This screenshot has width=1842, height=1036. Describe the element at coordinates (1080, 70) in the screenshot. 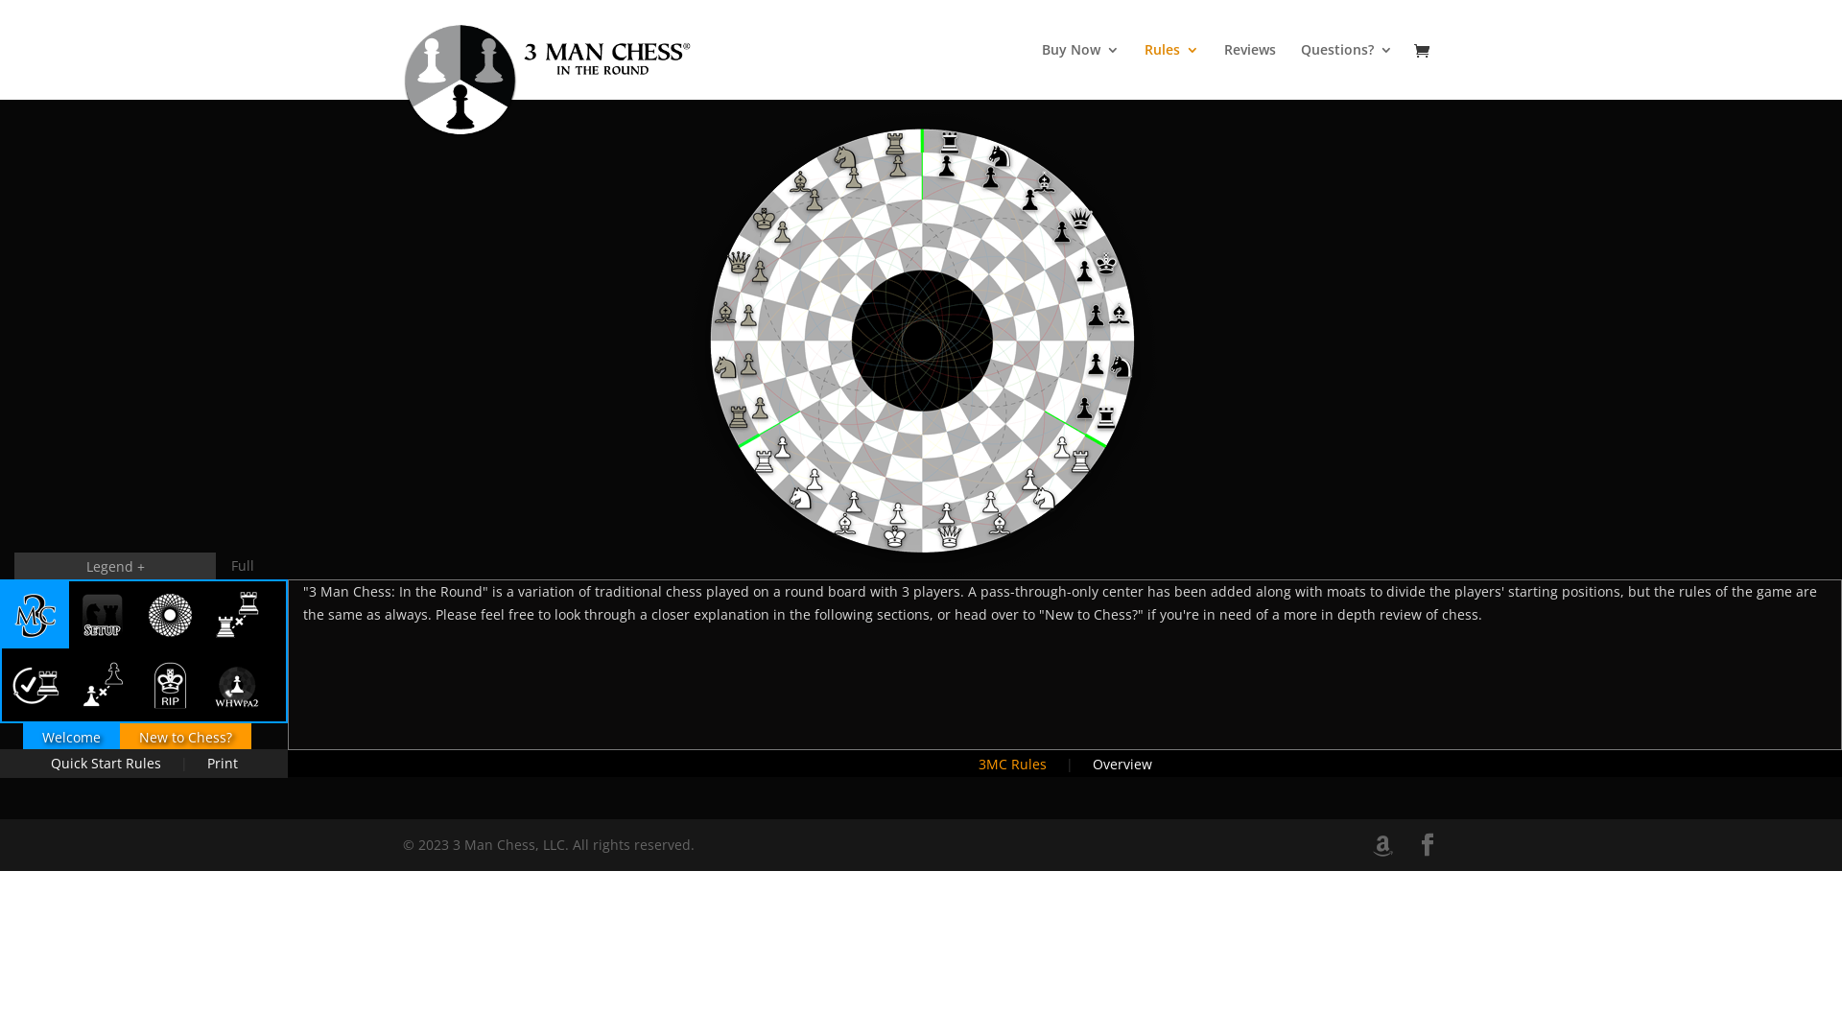

I see `'Buy Now'` at that location.